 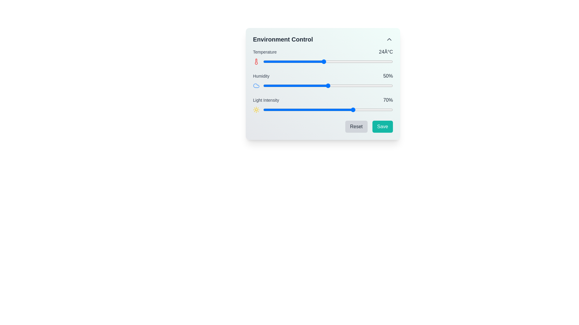 I want to click on temperature, so click(x=375, y=61).